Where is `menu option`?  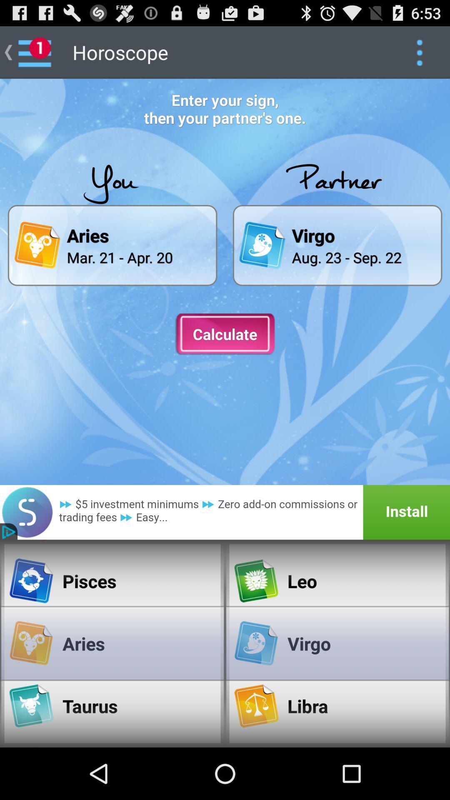 menu option is located at coordinates (419, 52).